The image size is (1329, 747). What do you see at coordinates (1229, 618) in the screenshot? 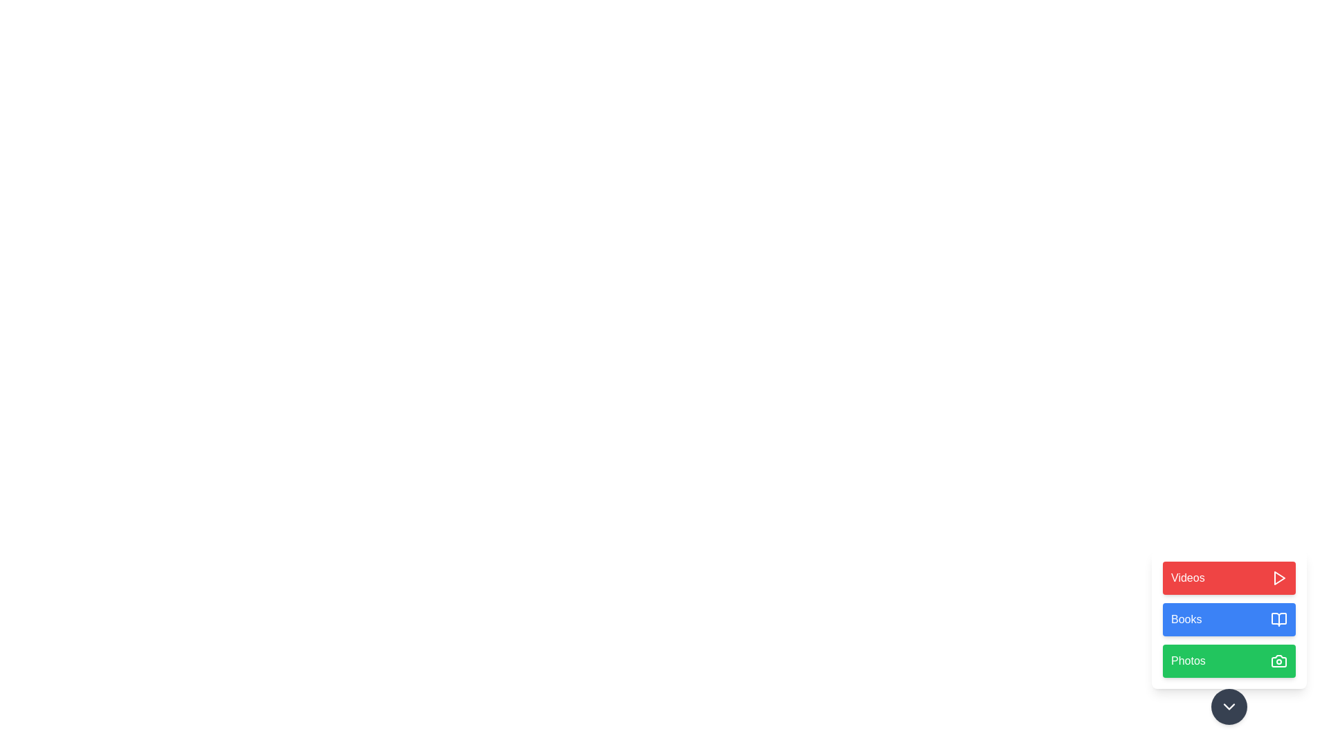
I see `'Books' button to activate the action` at bounding box center [1229, 618].